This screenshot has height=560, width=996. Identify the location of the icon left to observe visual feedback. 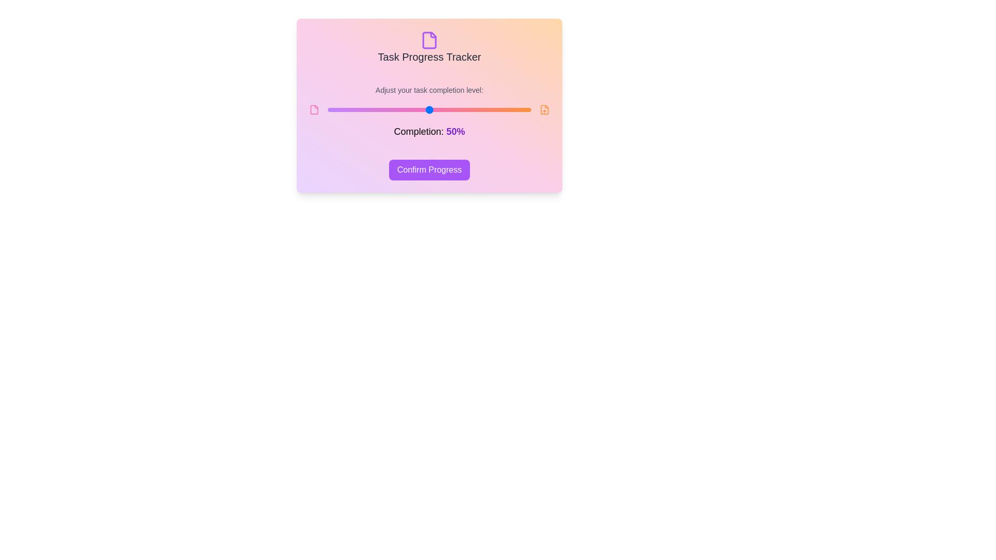
(314, 110).